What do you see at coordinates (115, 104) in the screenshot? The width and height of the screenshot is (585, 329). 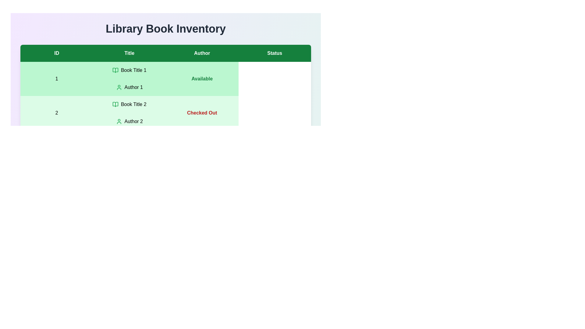 I see `the icon next to book for Book Title 2` at bounding box center [115, 104].